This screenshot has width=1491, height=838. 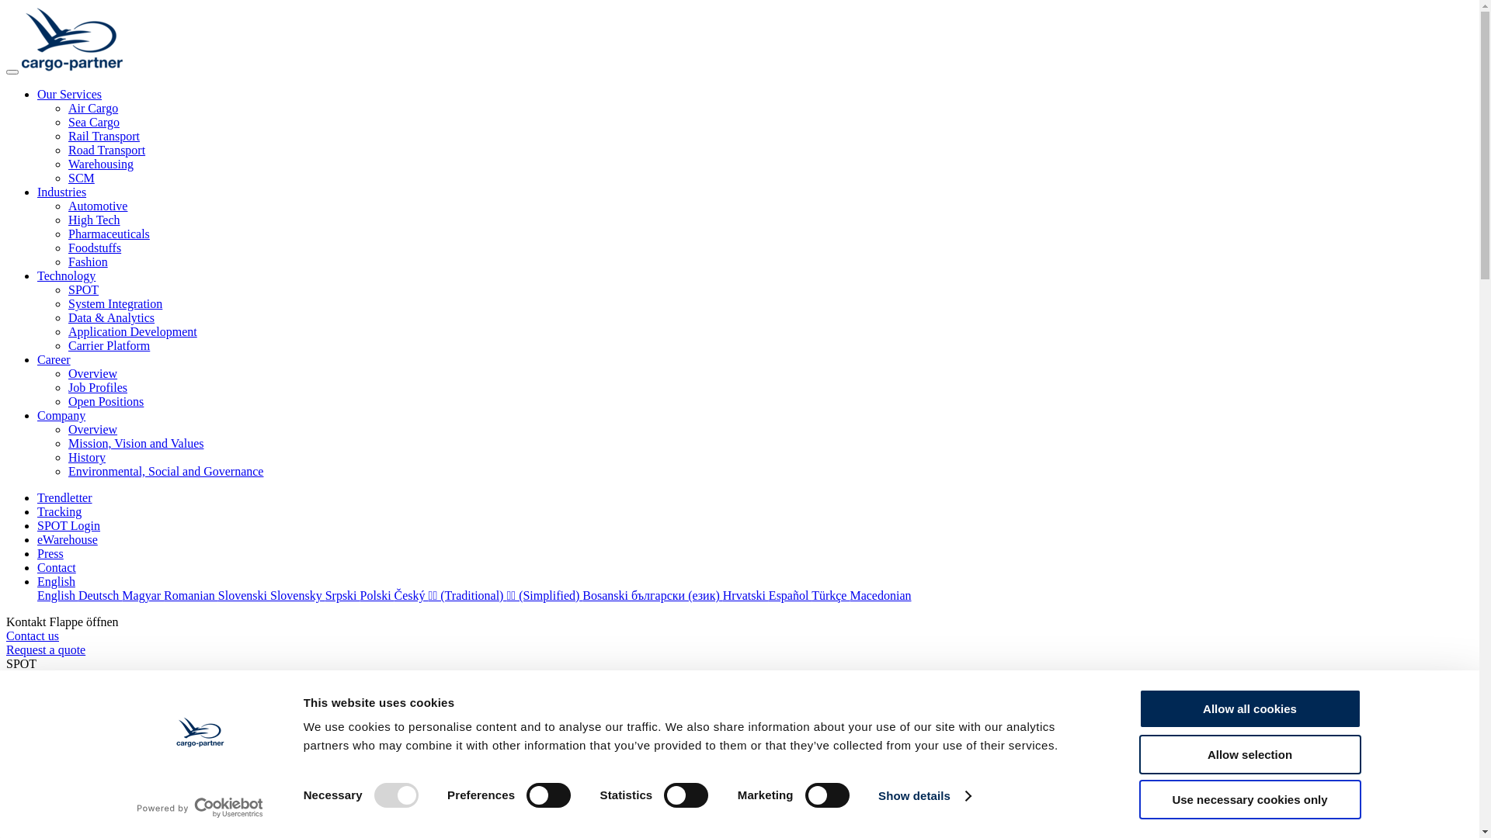 I want to click on 'Job Profiles', so click(x=96, y=386).